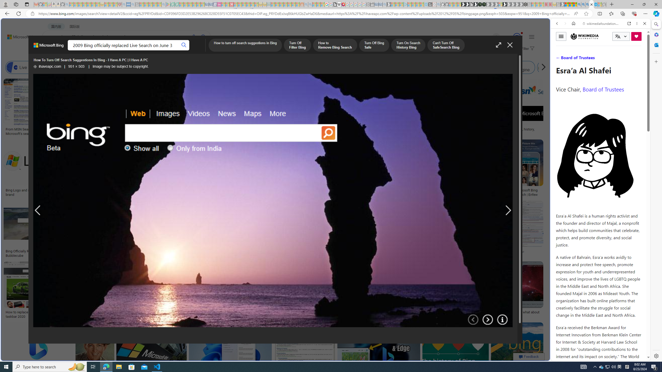 This screenshot has width=662, height=372. Describe the element at coordinates (542, 67) in the screenshot. I see `'Scroll right'` at that location.